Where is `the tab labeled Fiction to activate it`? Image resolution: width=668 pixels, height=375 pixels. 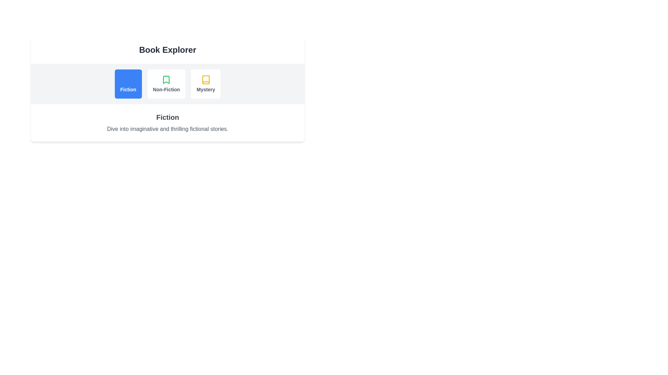
the tab labeled Fiction to activate it is located at coordinates (128, 84).